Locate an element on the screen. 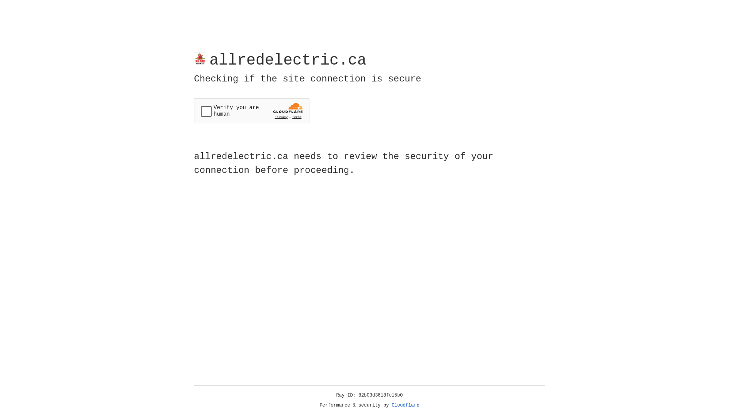  'Widget containing a Cloudflare security challenge' is located at coordinates (251, 111).